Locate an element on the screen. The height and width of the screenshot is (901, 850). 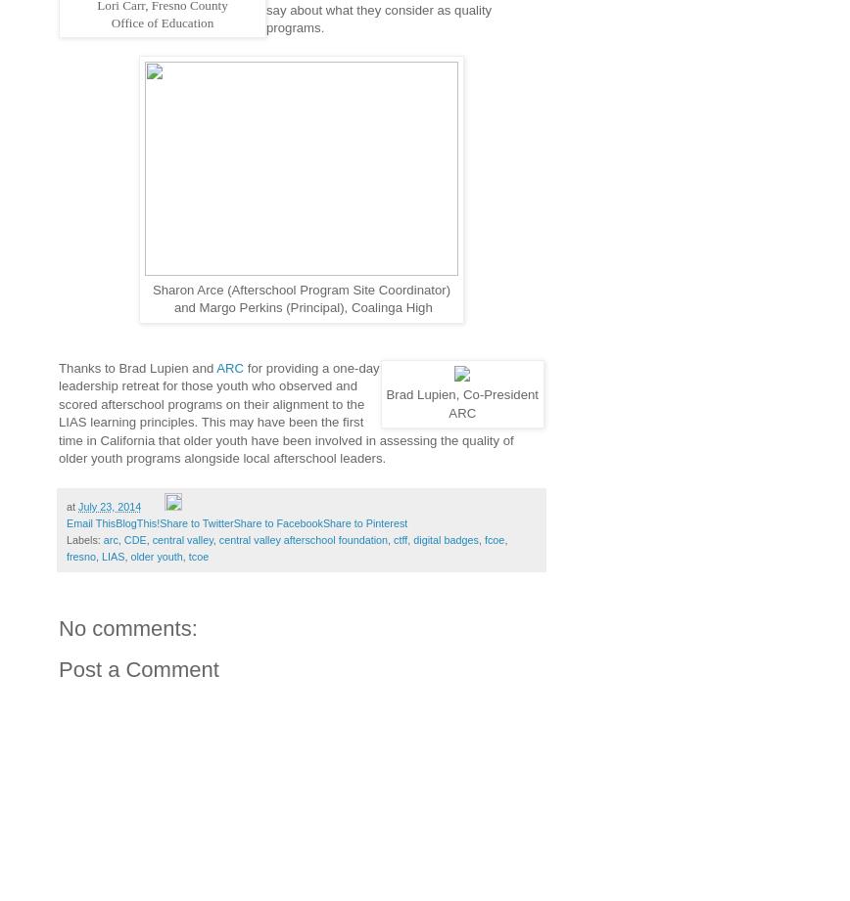
'CDE' is located at coordinates (134, 538).